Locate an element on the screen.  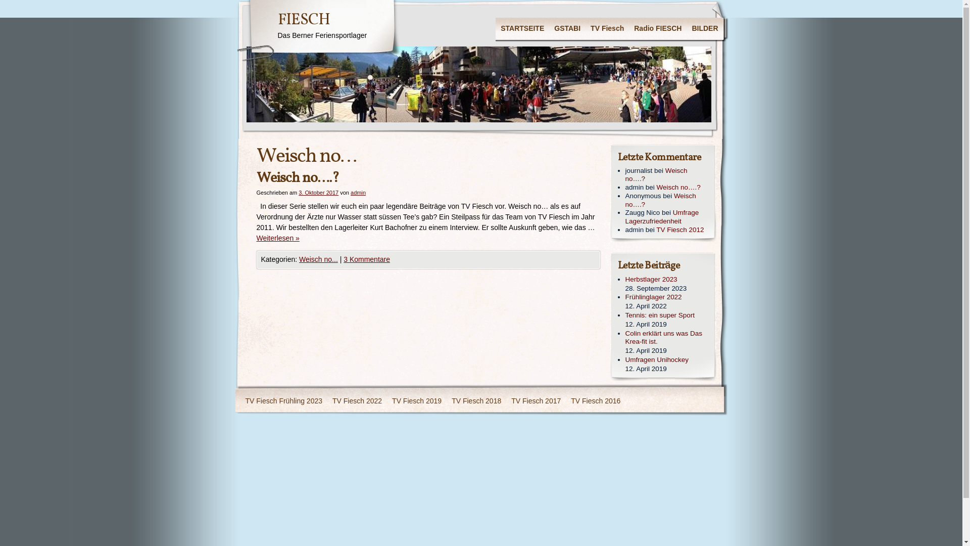
'TV Fiesch 2022' is located at coordinates (357, 401).